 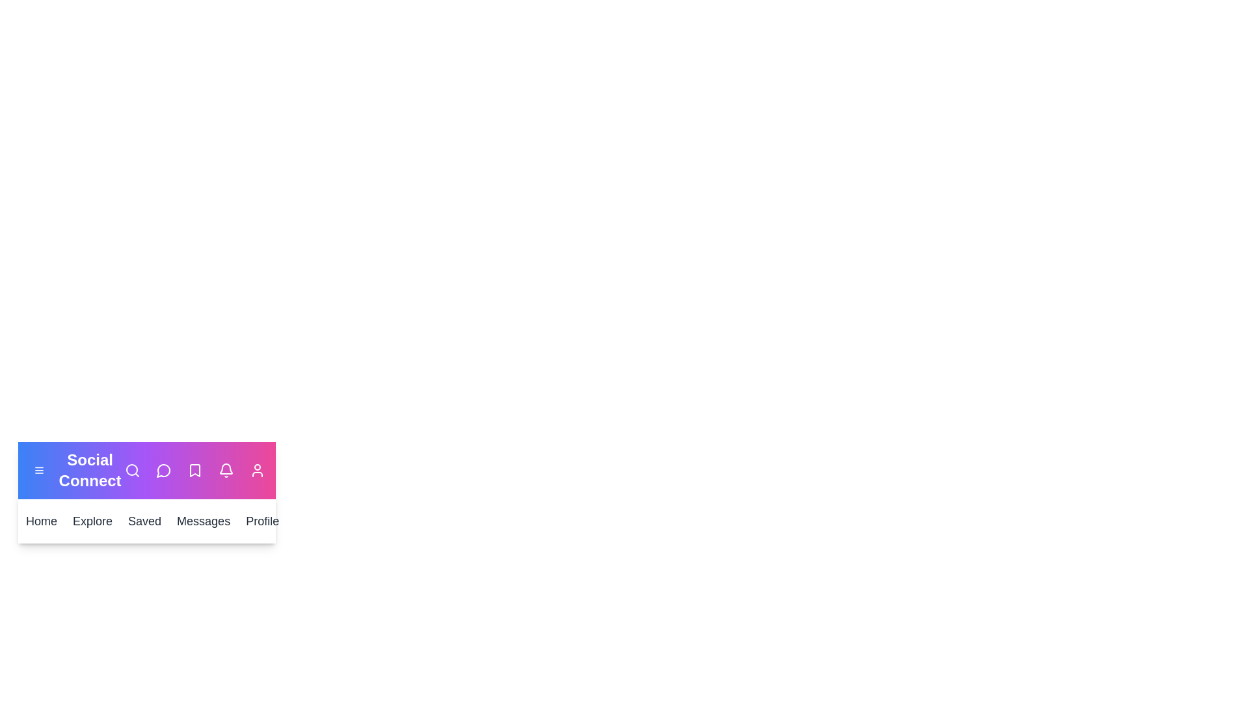 I want to click on the user icon to view the user profile, so click(x=257, y=470).